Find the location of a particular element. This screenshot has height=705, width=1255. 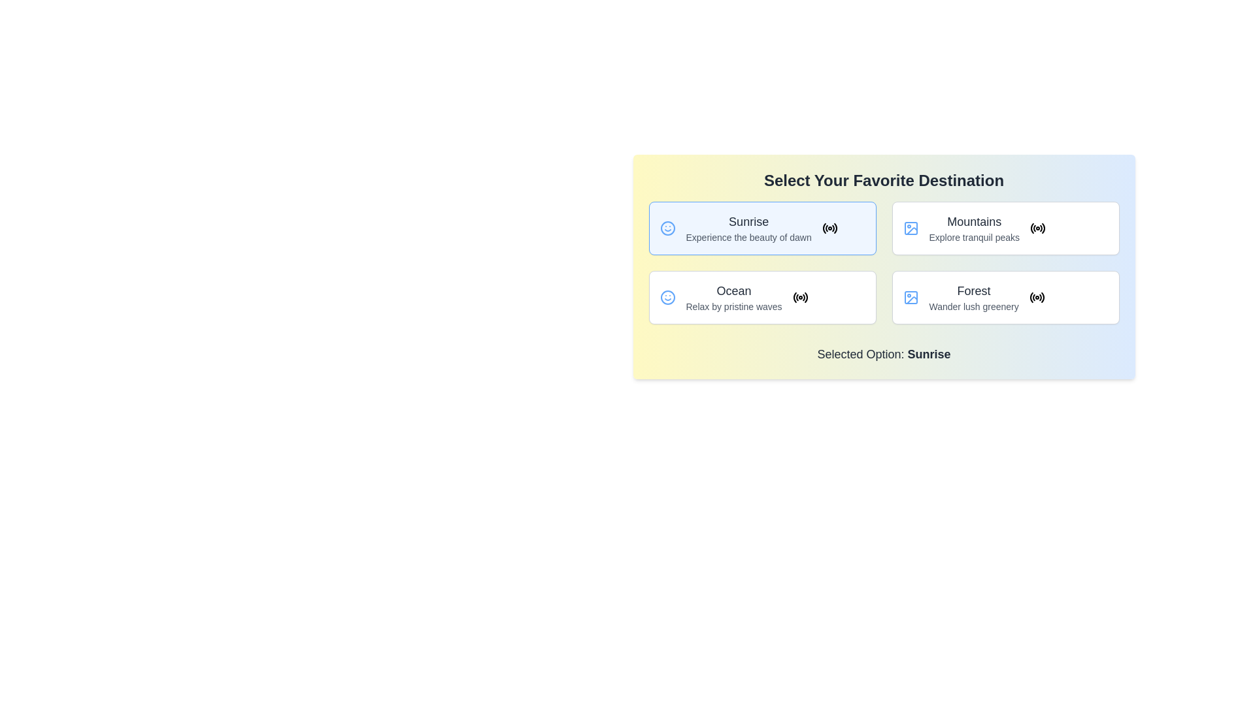

the radio symbol icon located to the right of the text 'Ocean Relax by pristine waves' in the lower-left card is located at coordinates (799, 297).